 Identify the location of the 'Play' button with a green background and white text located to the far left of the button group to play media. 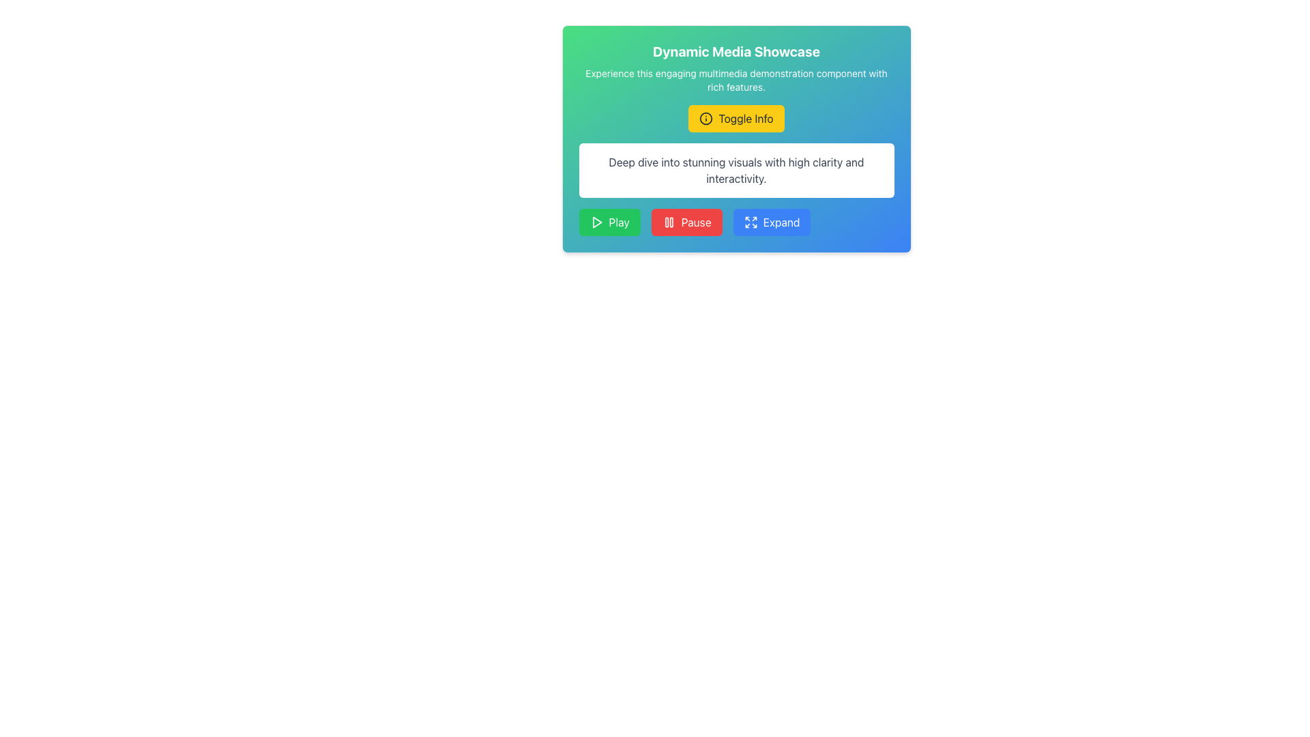
(609, 222).